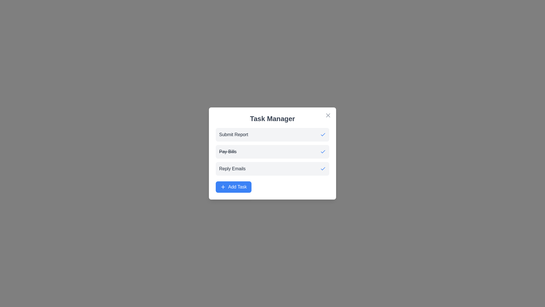 The height and width of the screenshot is (307, 545). I want to click on 'Add Task' button to initiate the process of adding a new task, so click(233, 187).